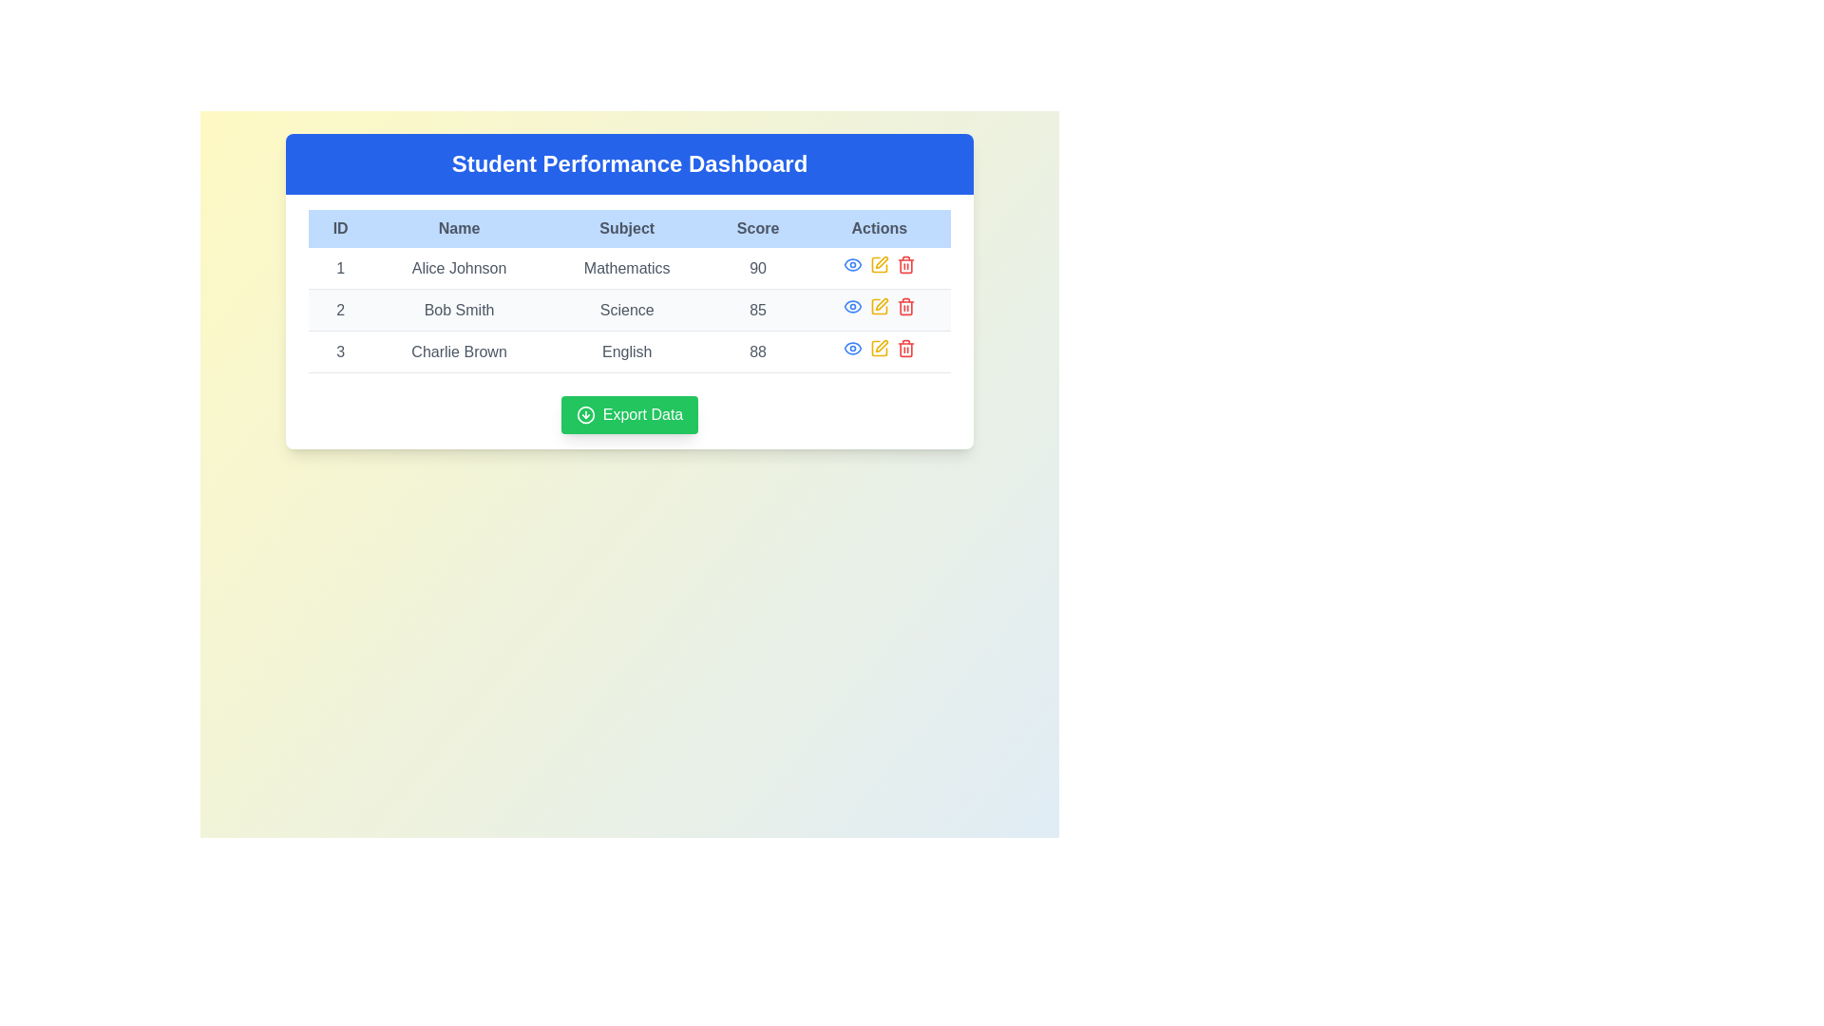 The image size is (1824, 1026). I want to click on the numeric text label '85' in the 'Score' column for Bob Smith's 'Science' subject, located in the second row of the table, so click(757, 309).